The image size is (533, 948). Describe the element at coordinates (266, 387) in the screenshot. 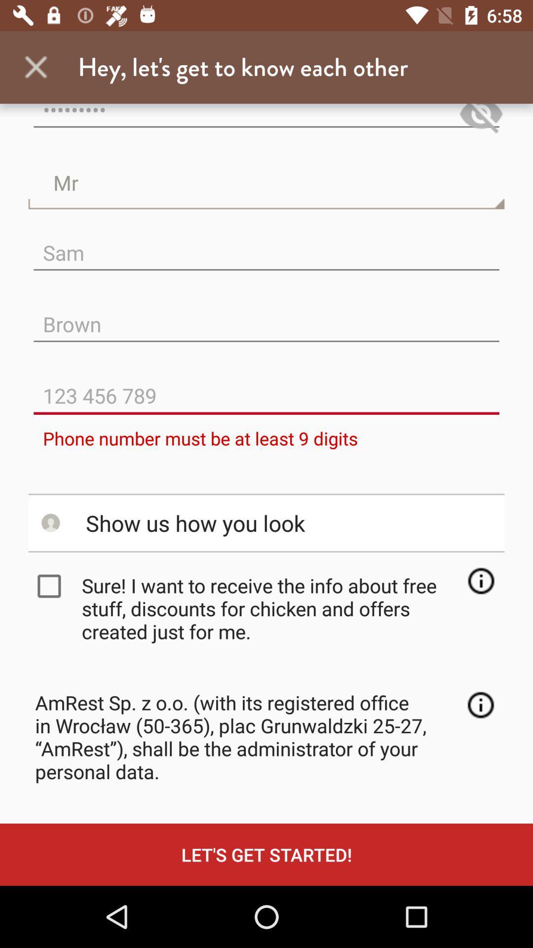

I see `icon below the brown` at that location.